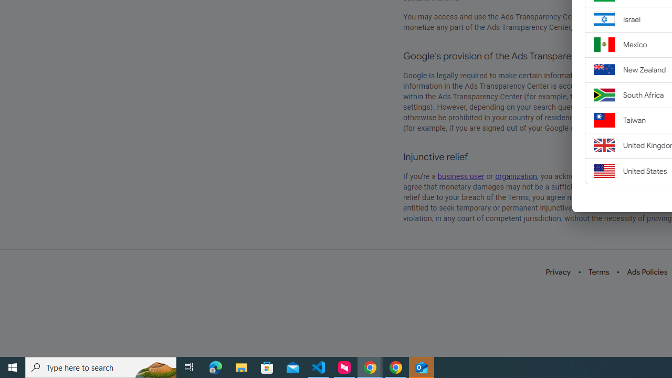  I want to click on 'organization', so click(516, 176).